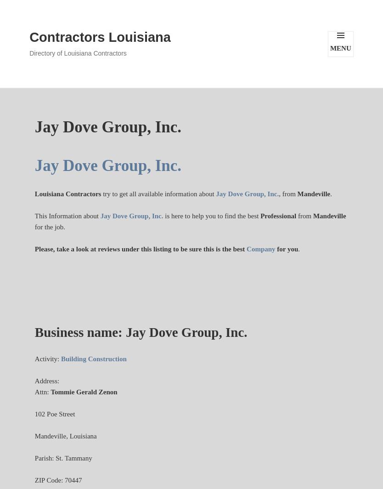  What do you see at coordinates (42, 392) in the screenshot?
I see `'Attn:'` at bounding box center [42, 392].